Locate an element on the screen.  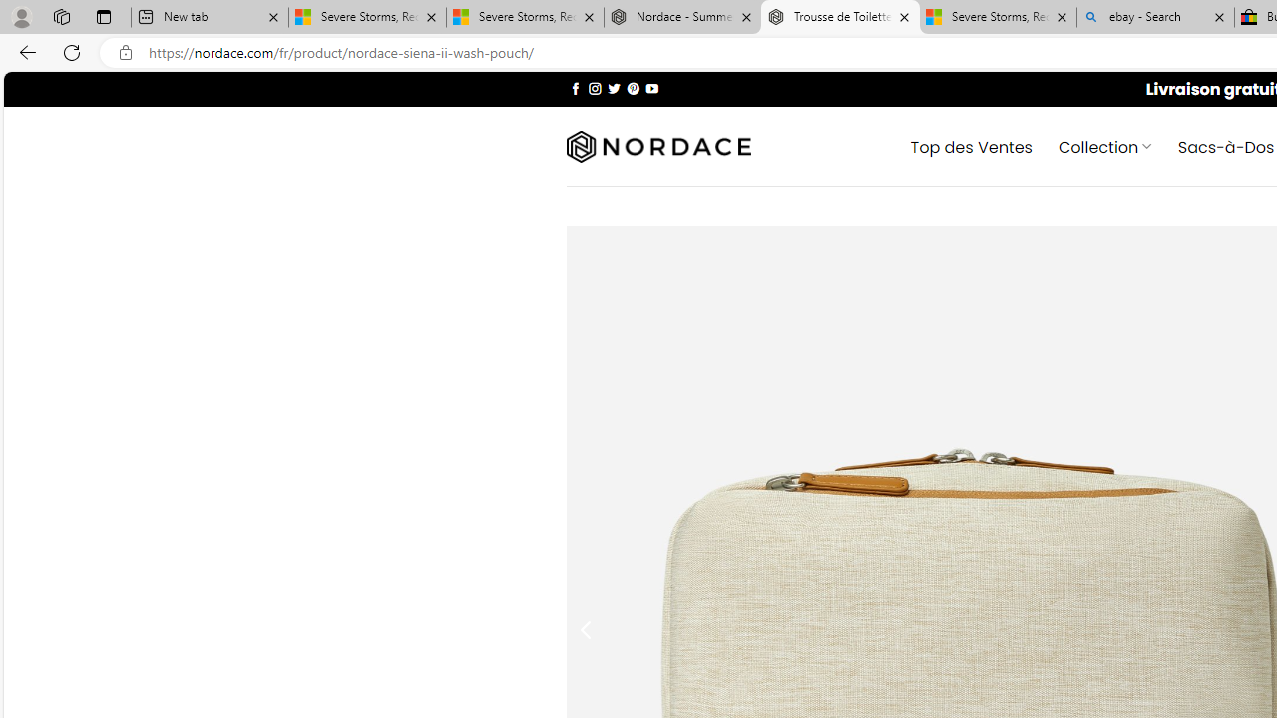
'  Top des Ventes' is located at coordinates (971, 145).